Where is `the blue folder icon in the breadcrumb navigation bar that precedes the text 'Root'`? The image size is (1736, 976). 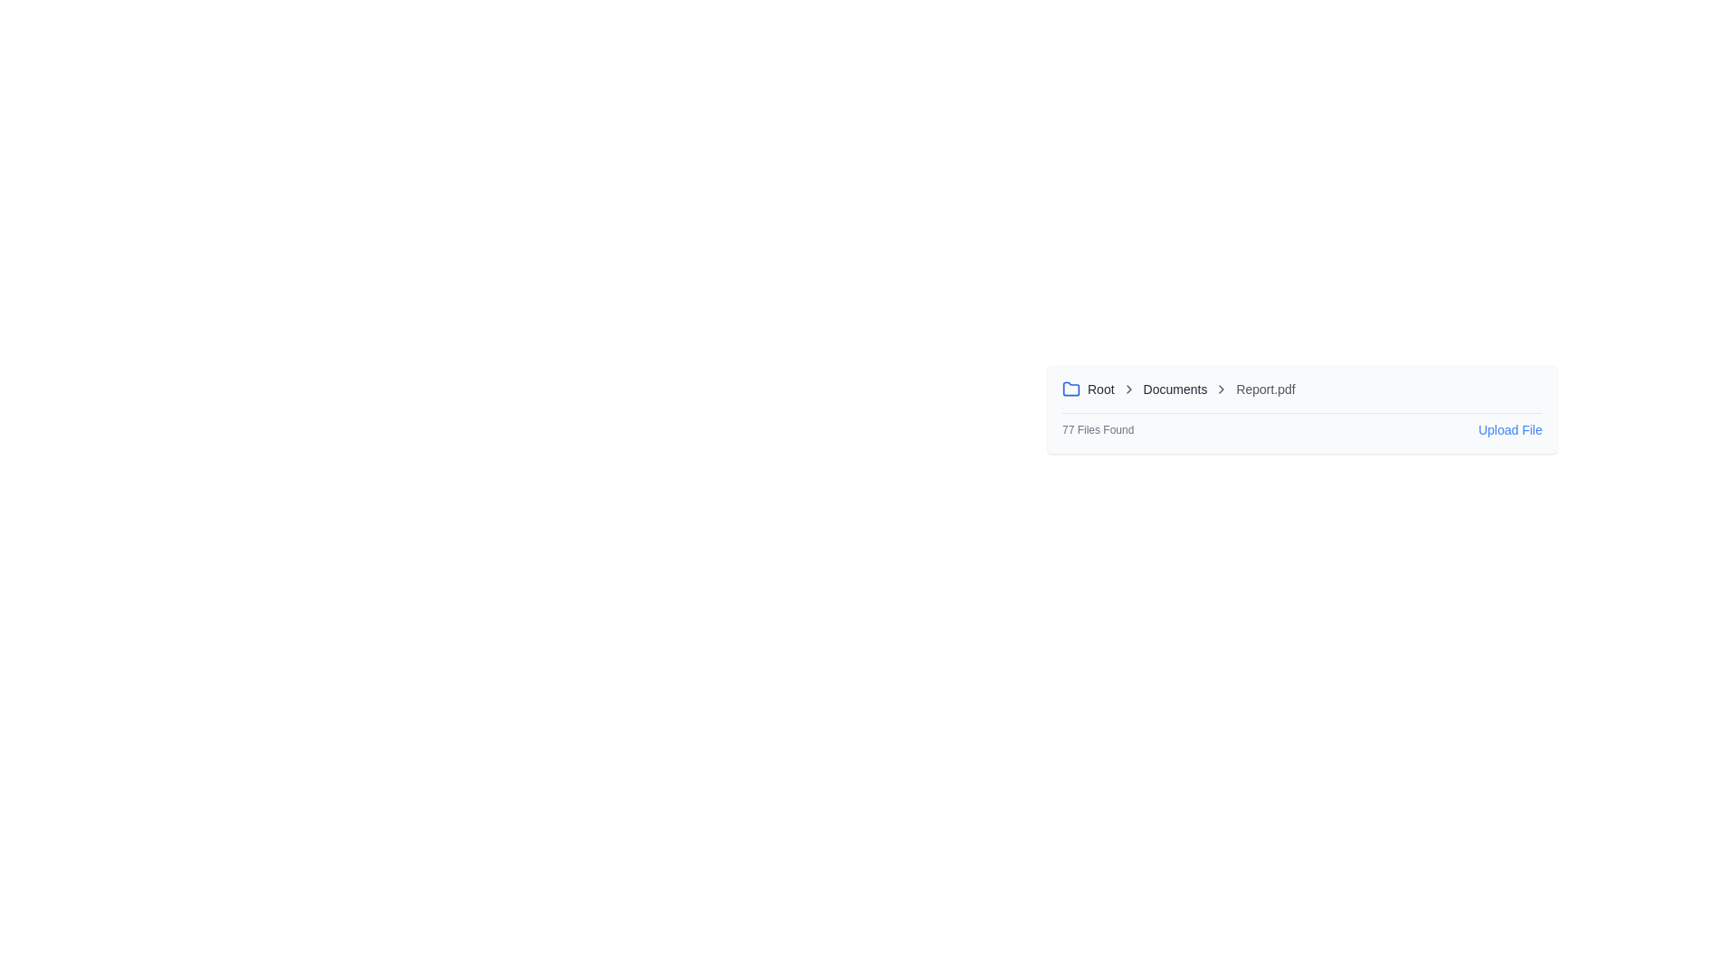 the blue folder icon in the breadcrumb navigation bar that precedes the text 'Root' is located at coordinates (1071, 389).